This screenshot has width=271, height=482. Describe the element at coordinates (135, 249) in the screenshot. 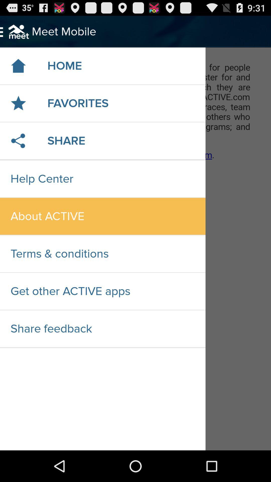

I see `highlight the whole page` at that location.